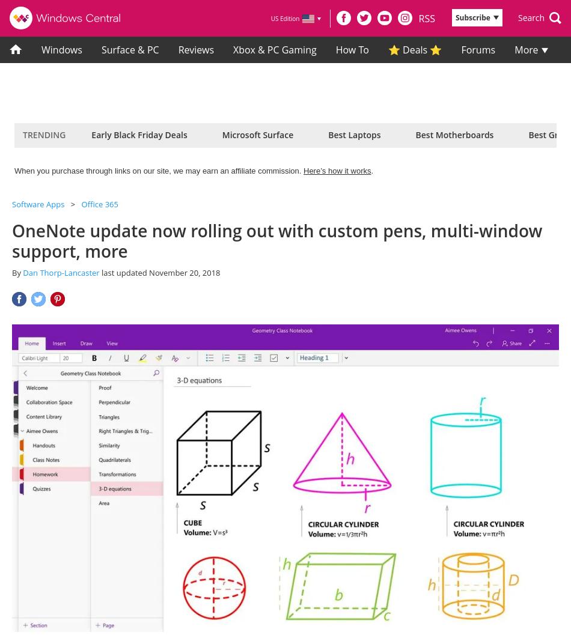 The width and height of the screenshot is (571, 635). I want to click on 'Early Black Friday Deals', so click(139, 135).